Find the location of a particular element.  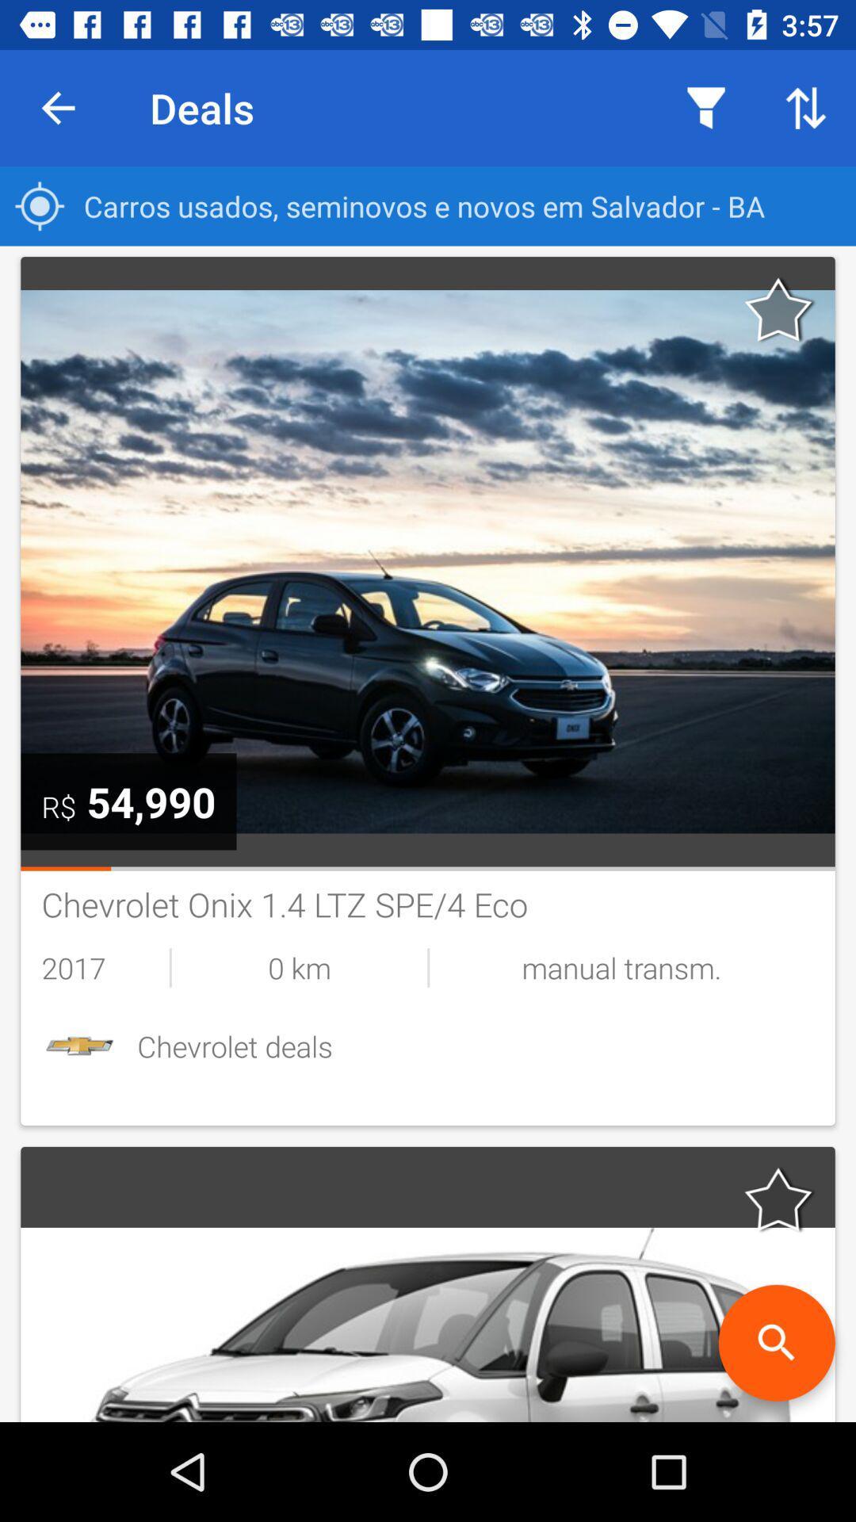

open search is located at coordinates (776, 1342).